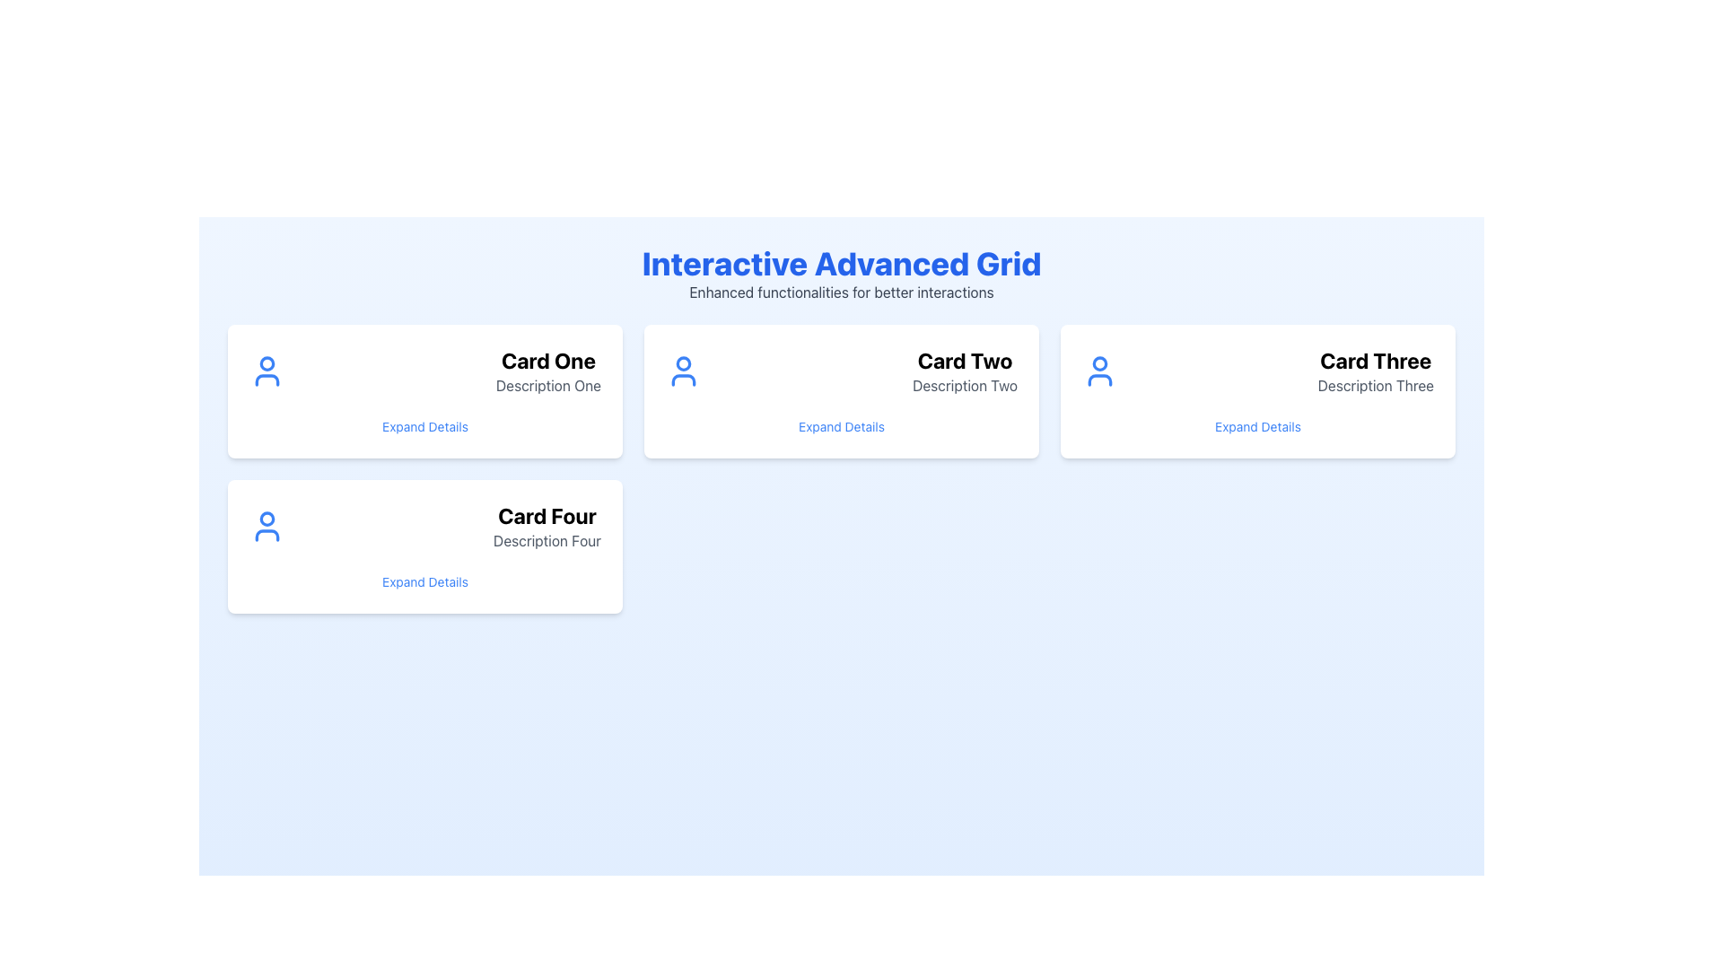 This screenshot has height=969, width=1723. What do you see at coordinates (964, 384) in the screenshot?
I see `the text label reading 'Description Two', which is styled in subdued gray and located underneath the title within 'Card Two'` at bounding box center [964, 384].